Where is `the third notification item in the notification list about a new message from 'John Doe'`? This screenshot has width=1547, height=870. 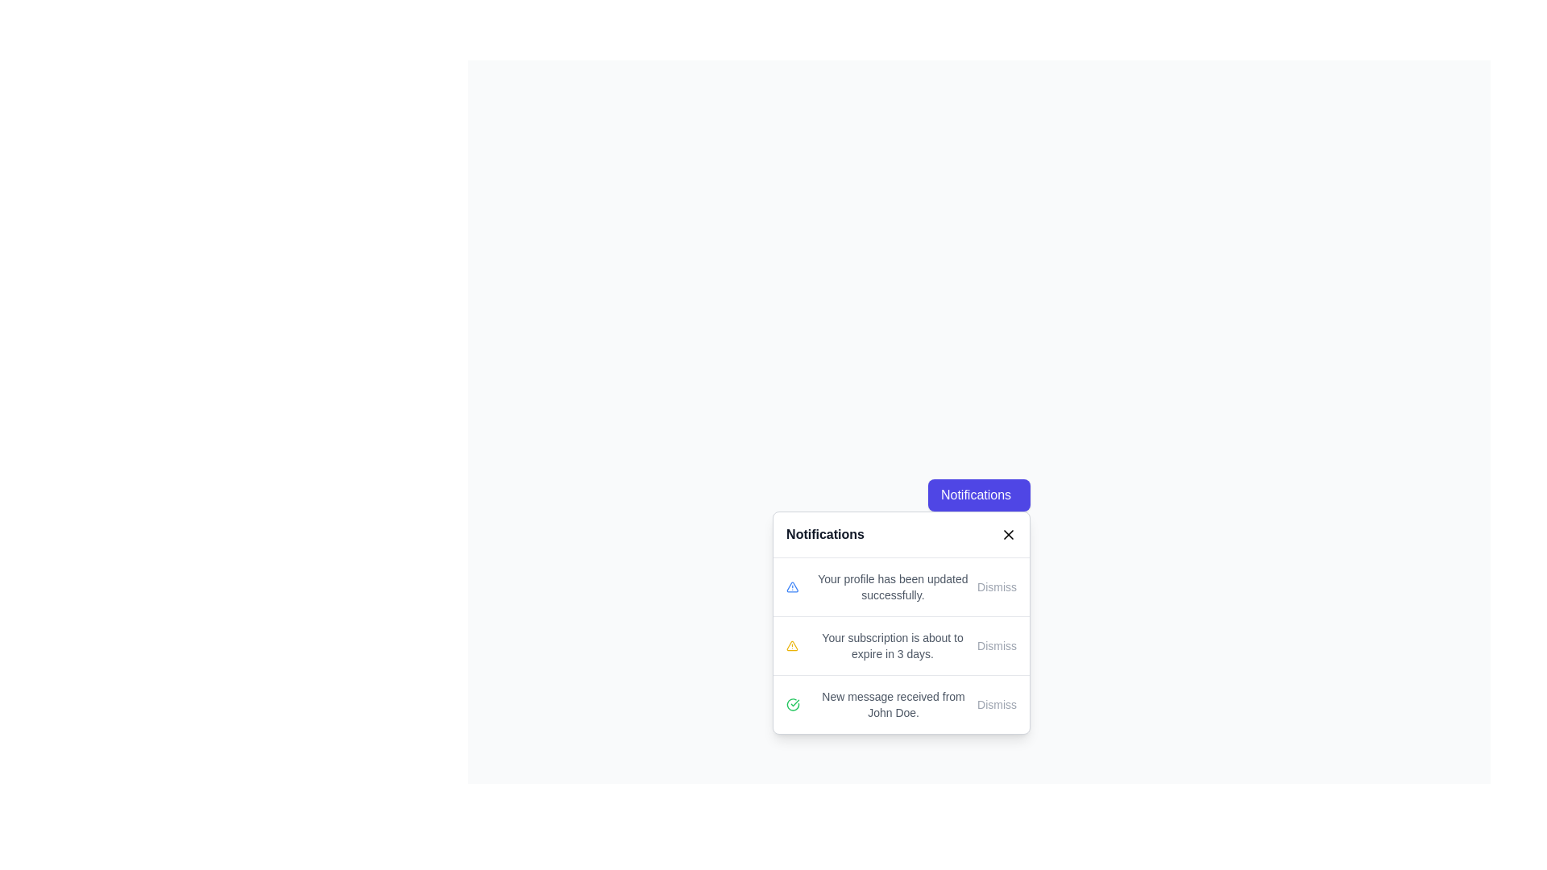
the third notification item in the notification list about a new message from 'John Doe' is located at coordinates (901, 703).